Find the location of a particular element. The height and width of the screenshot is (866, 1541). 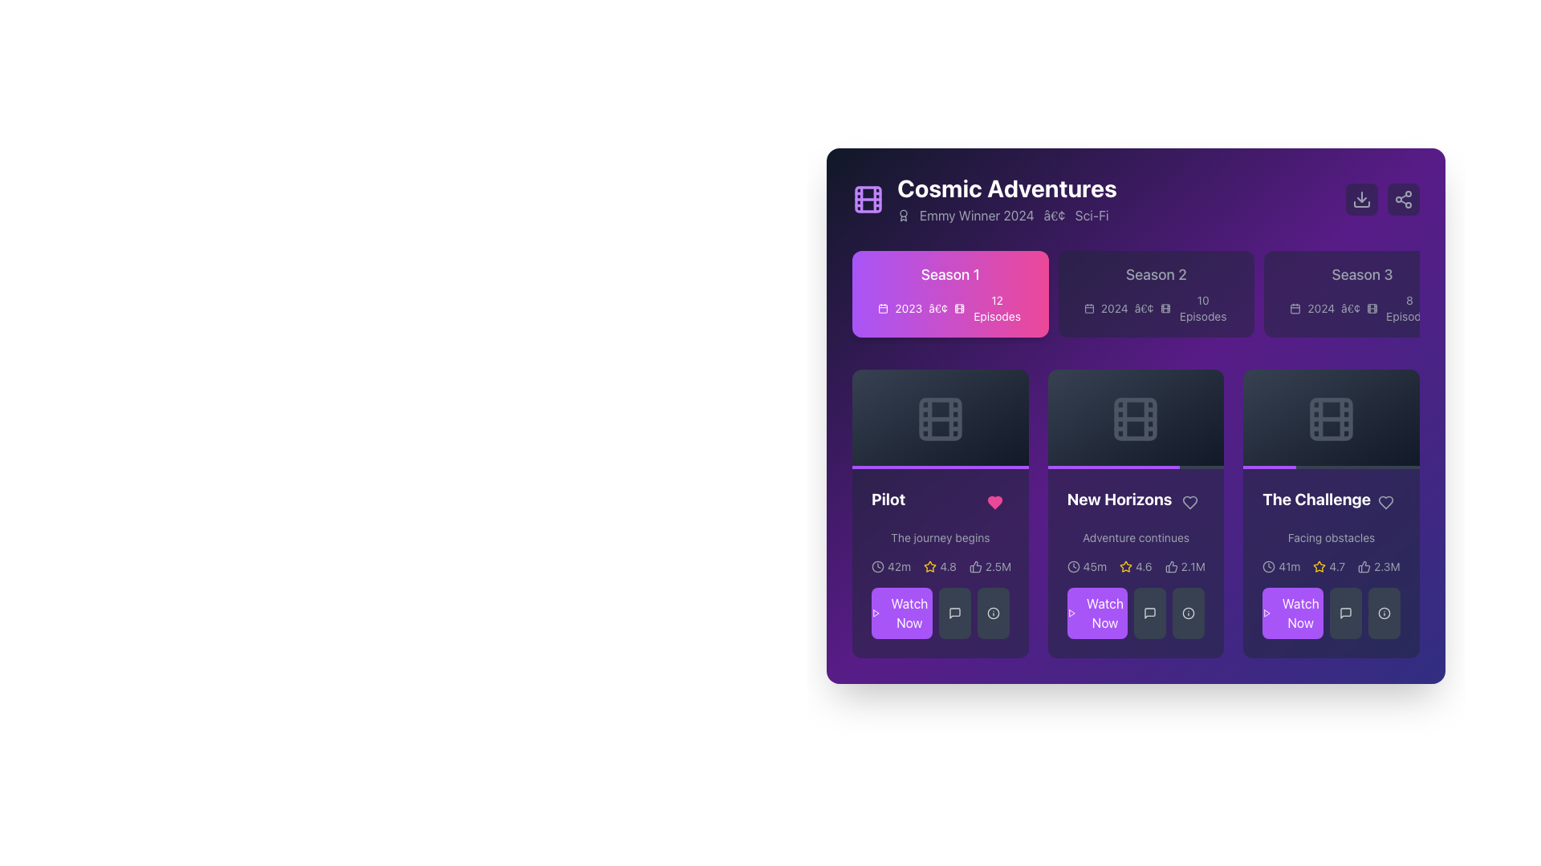

the icon-text combination displaying '2.3M' next to the thumbs-up icon in the bottom right corner of 'The Challenge' card is located at coordinates (1378, 565).